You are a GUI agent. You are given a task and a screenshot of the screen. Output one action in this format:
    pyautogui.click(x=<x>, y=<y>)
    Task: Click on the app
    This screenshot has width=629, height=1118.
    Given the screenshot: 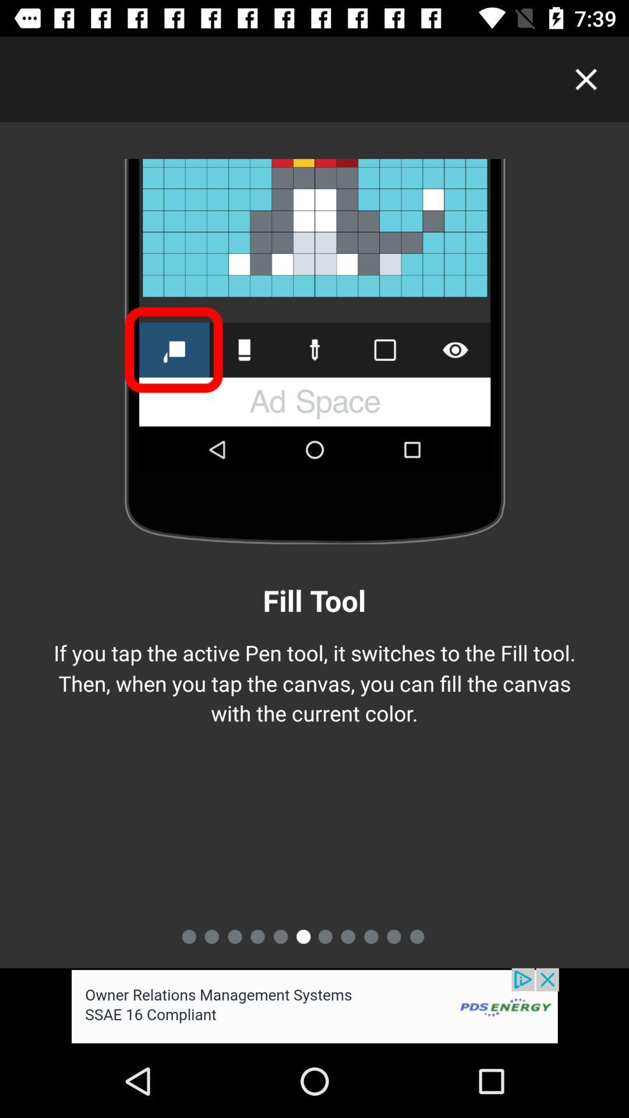 What is the action you would take?
    pyautogui.click(x=586, y=79)
    